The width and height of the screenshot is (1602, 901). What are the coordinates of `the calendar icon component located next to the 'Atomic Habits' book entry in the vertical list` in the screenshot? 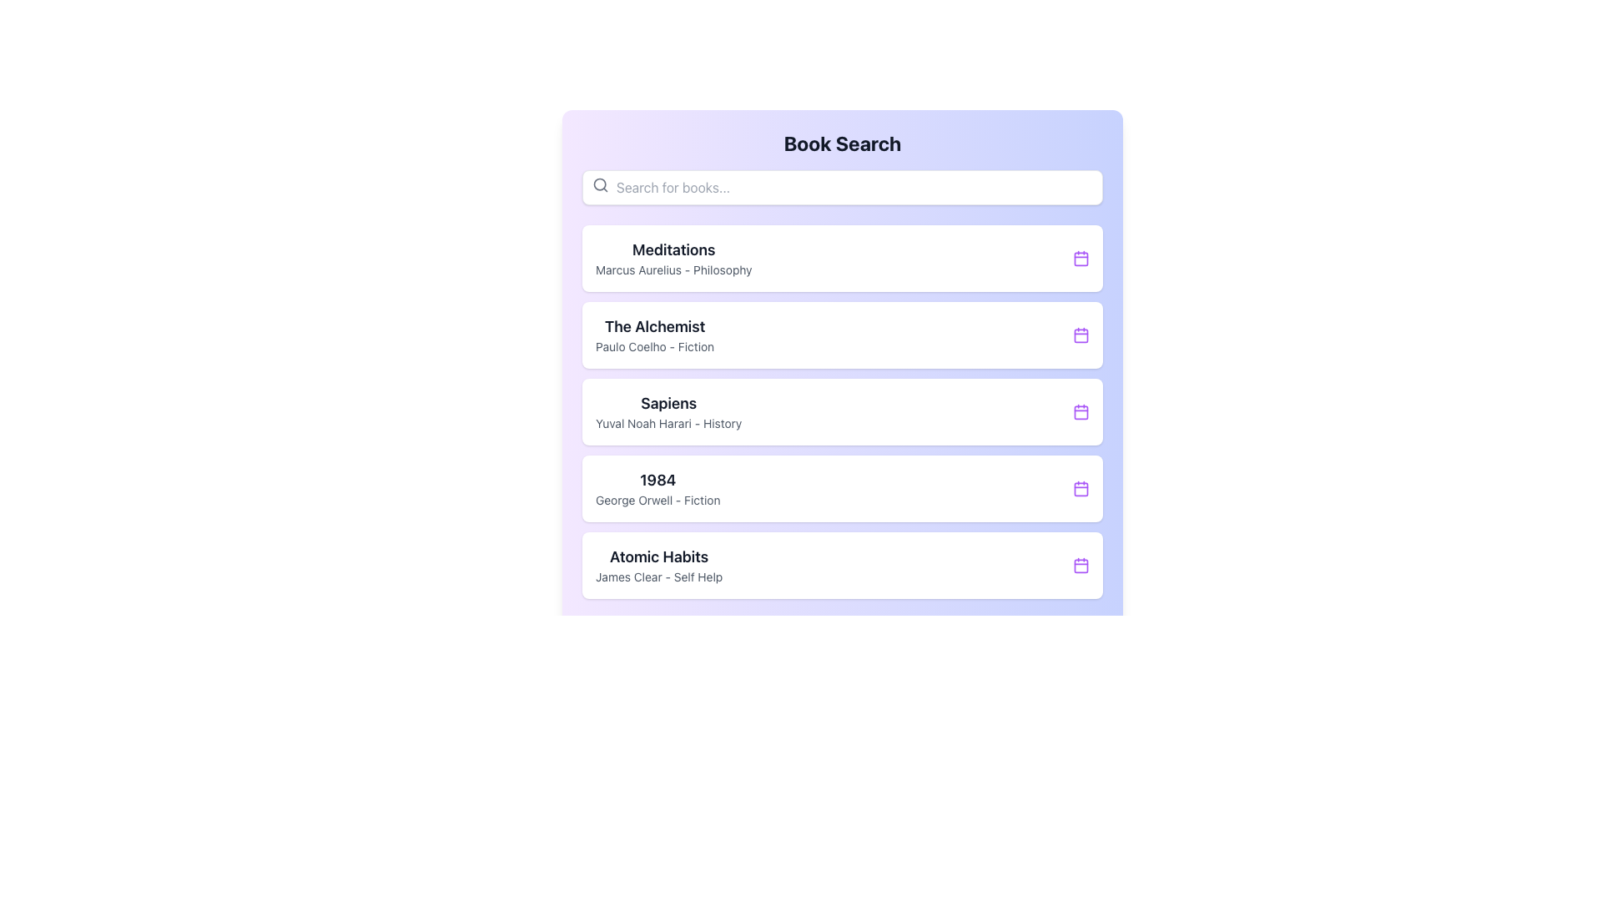 It's located at (1081, 565).